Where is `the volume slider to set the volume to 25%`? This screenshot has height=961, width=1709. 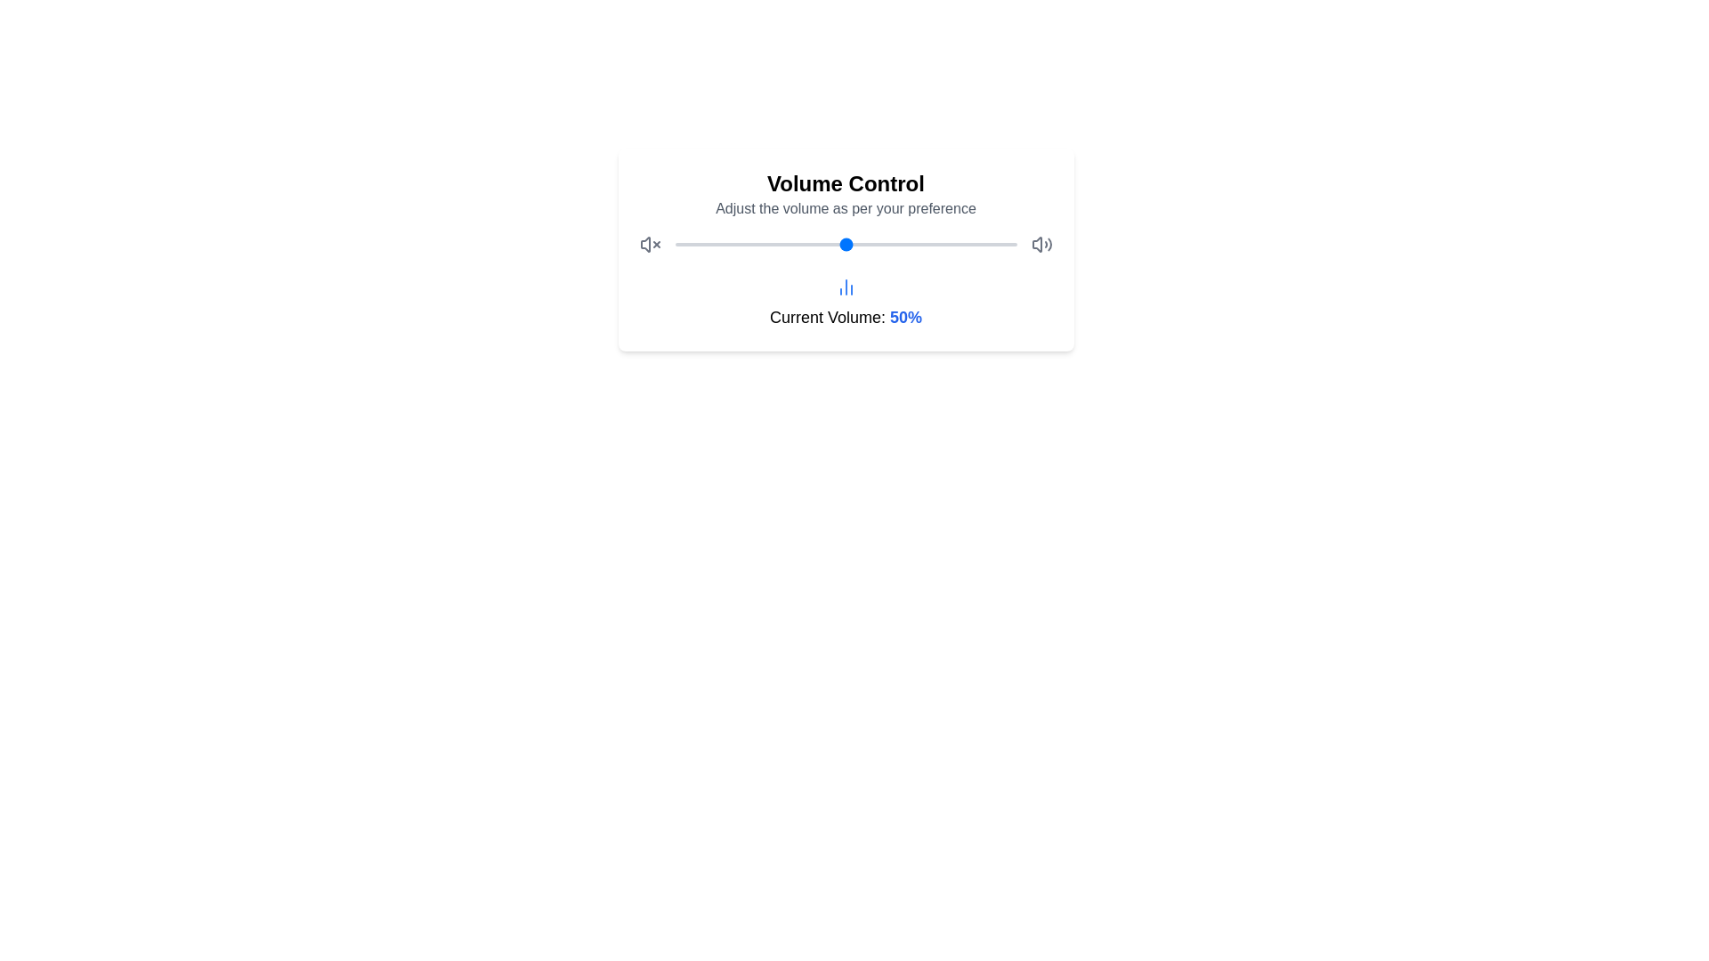
the volume slider to set the volume to 25% is located at coordinates (760, 244).